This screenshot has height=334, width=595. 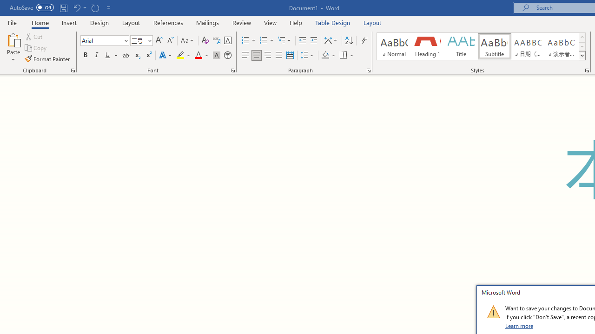 I want to click on 'Text Highlight Color Yellow', so click(x=180, y=55).